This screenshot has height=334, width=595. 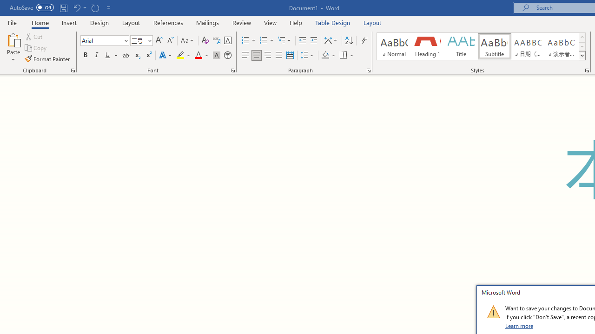 I want to click on 'Text Highlight Color Yellow', so click(x=180, y=55).